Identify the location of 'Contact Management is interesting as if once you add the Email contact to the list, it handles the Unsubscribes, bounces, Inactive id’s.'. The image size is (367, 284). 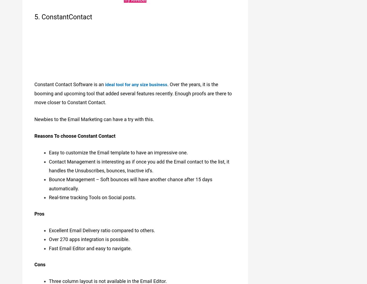
(139, 163).